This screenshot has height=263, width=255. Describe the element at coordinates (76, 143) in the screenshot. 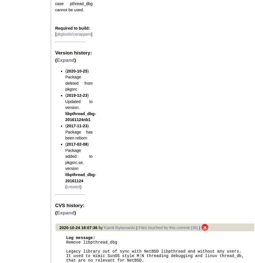

I see `'2017-02-08'` at that location.